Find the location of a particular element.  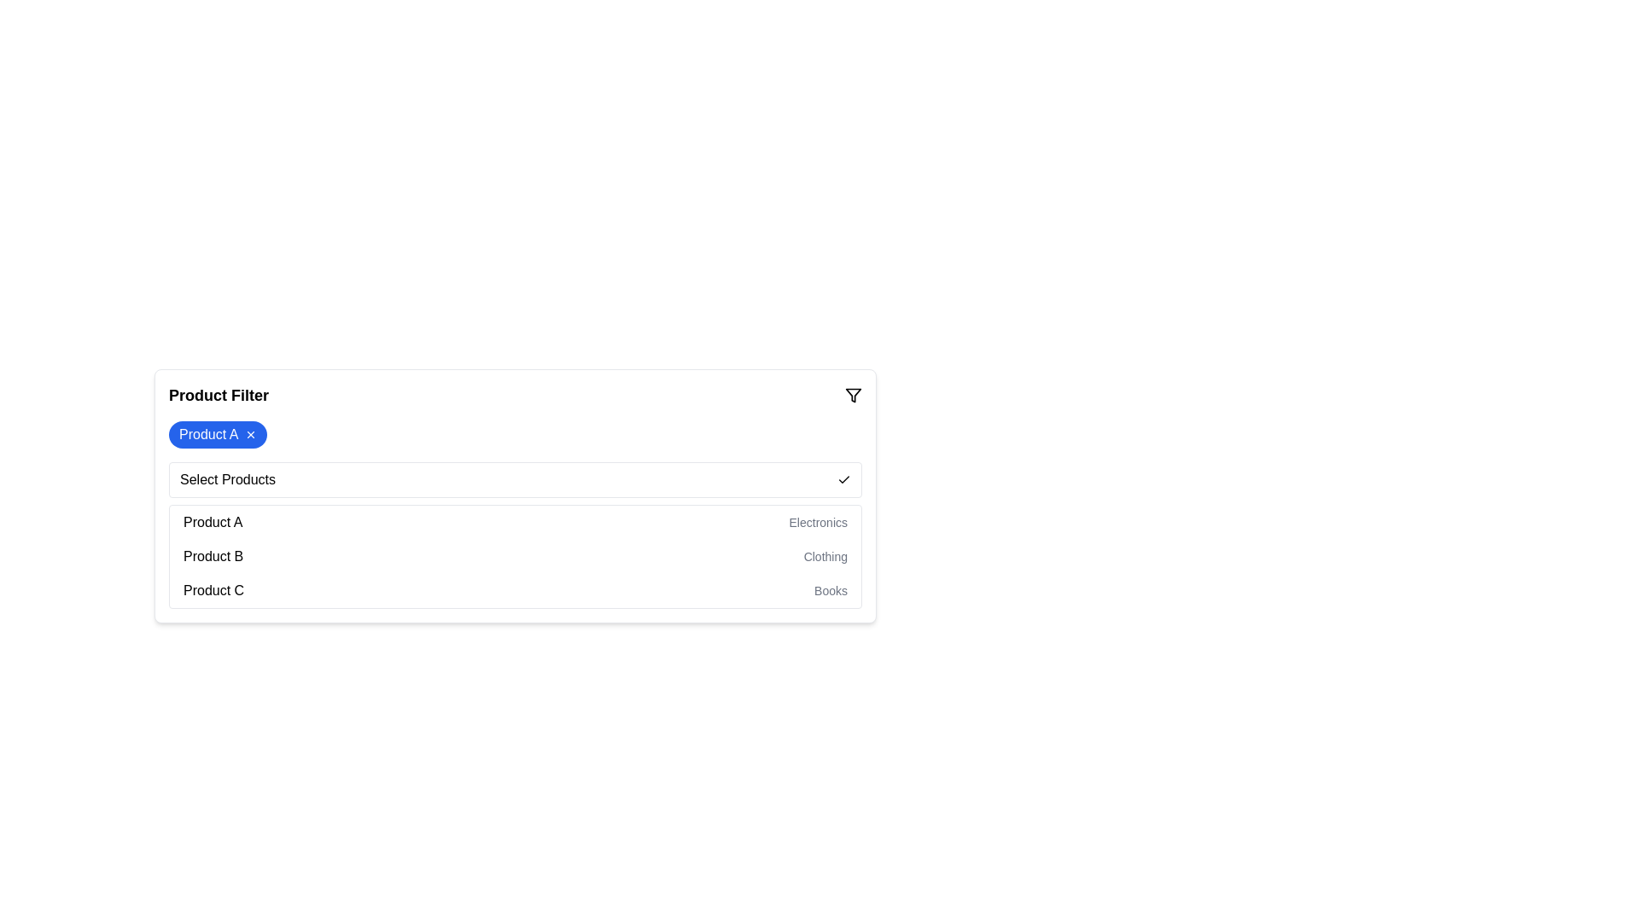

the content of the removable filter tag displaying the applied filter 'Product A' located under the 'Product Filter' section is located at coordinates (217, 433).